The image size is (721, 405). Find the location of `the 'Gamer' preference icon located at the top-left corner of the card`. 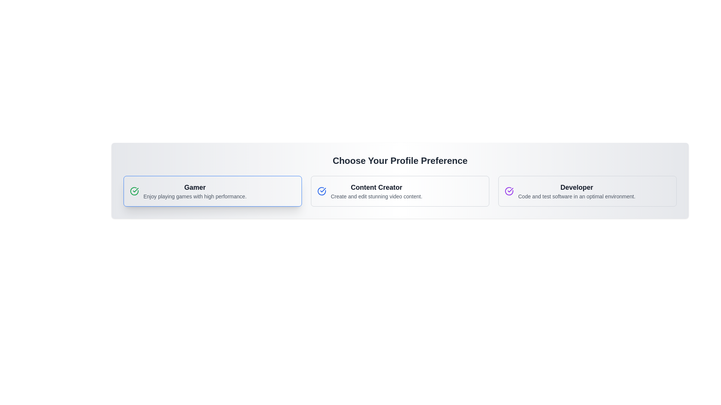

the 'Gamer' preference icon located at the top-left corner of the card is located at coordinates (134, 190).